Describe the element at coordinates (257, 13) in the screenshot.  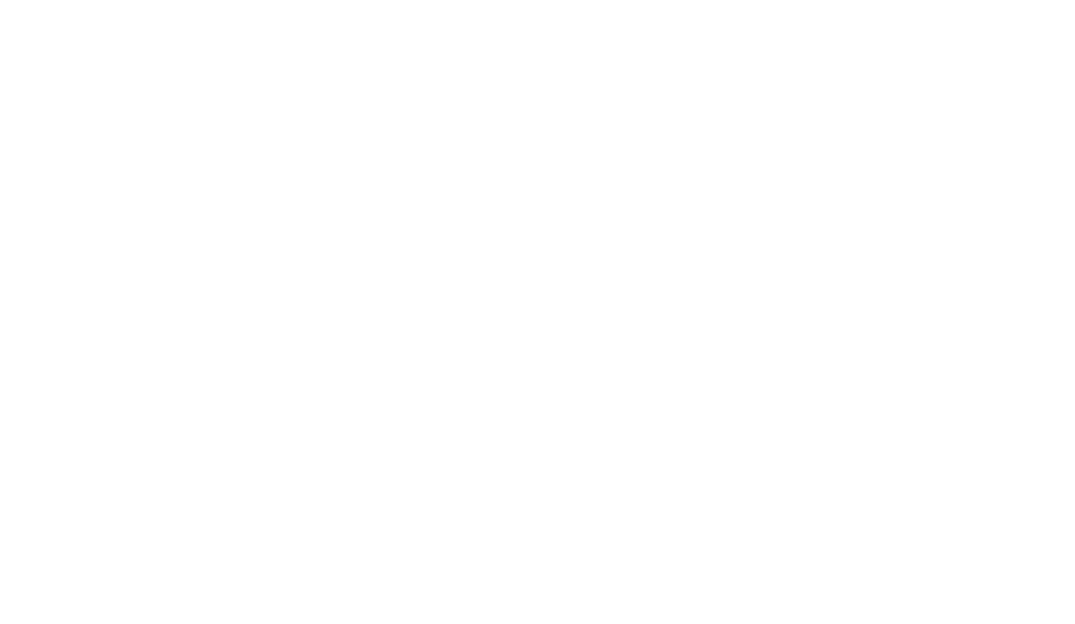
I see `'Donji Lapac'` at that location.